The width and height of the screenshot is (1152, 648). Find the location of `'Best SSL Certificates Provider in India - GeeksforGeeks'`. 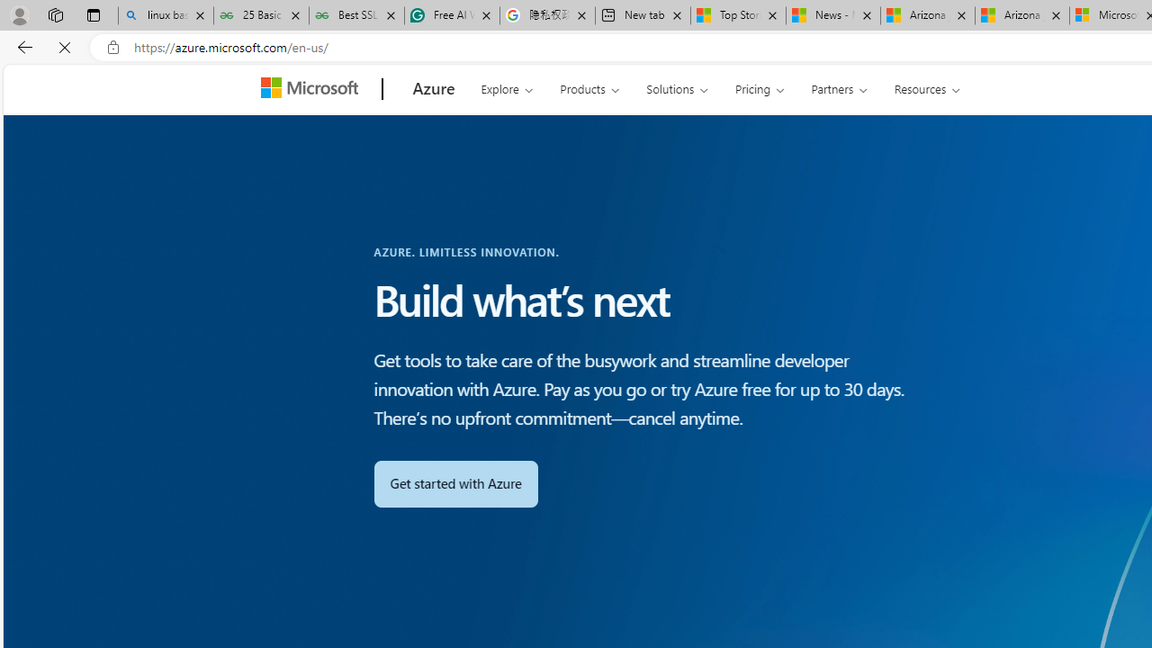

'Best SSL Certificates Provider in India - GeeksforGeeks' is located at coordinates (356, 15).